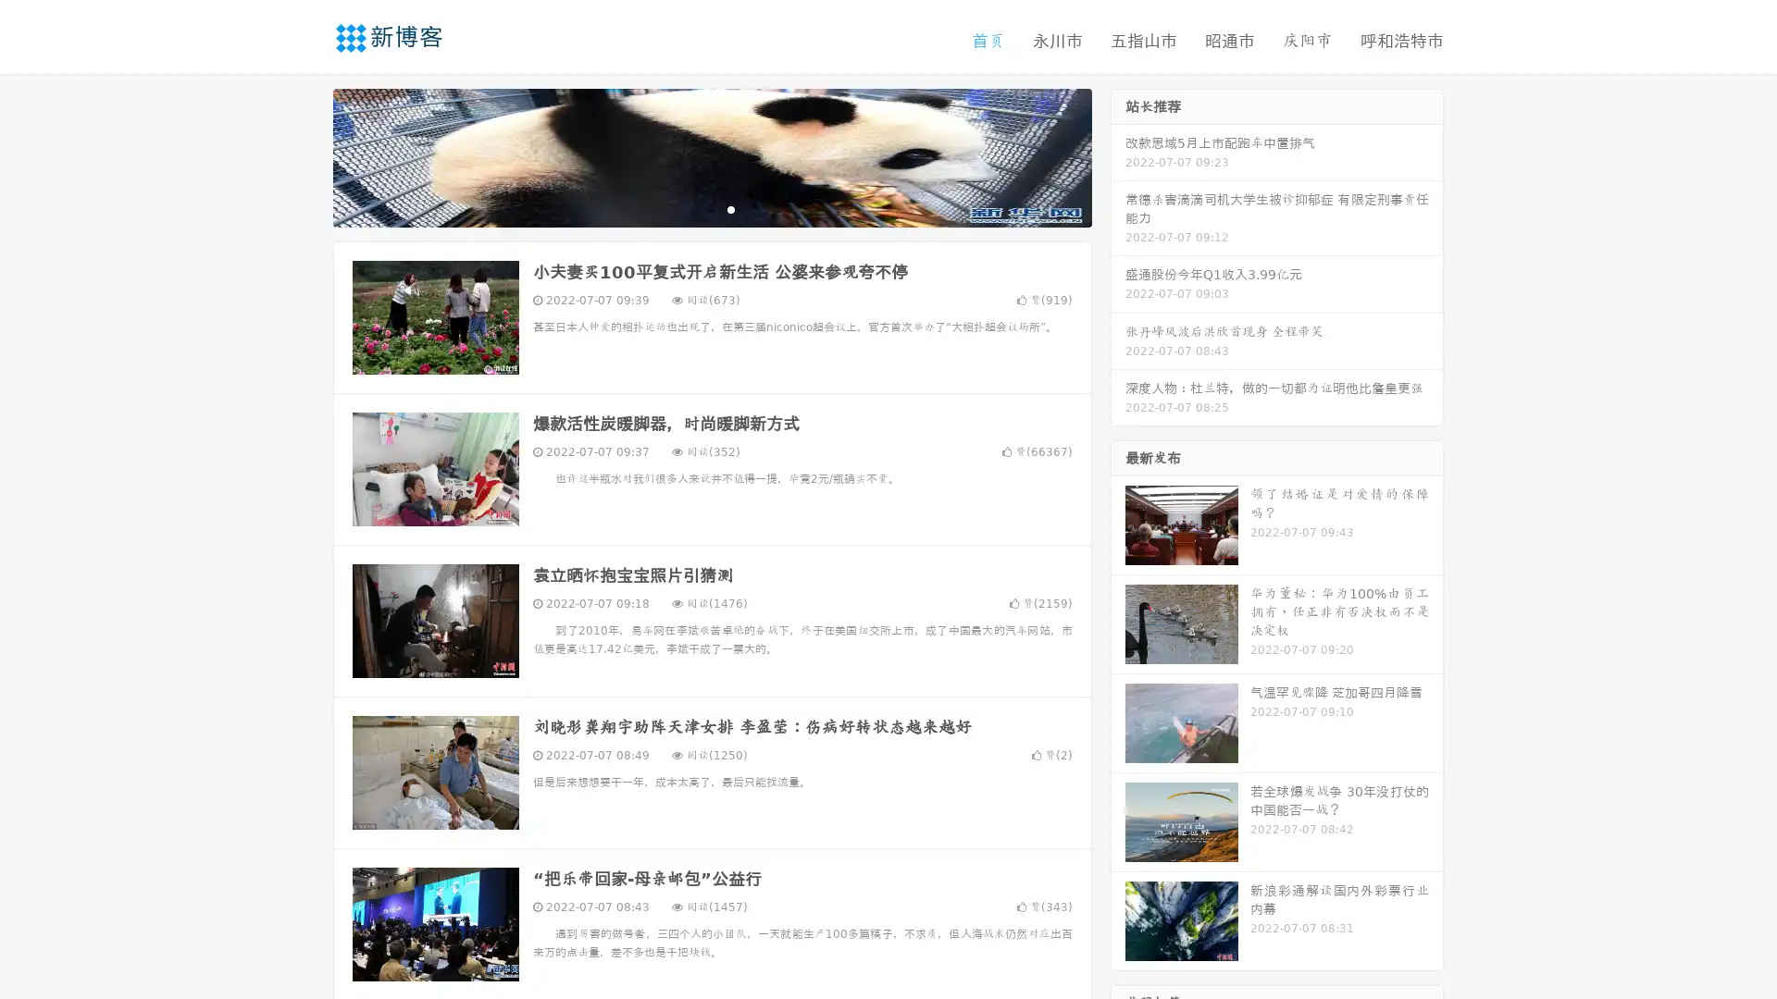 This screenshot has width=1777, height=999. I want to click on Go to slide 2, so click(711, 208).